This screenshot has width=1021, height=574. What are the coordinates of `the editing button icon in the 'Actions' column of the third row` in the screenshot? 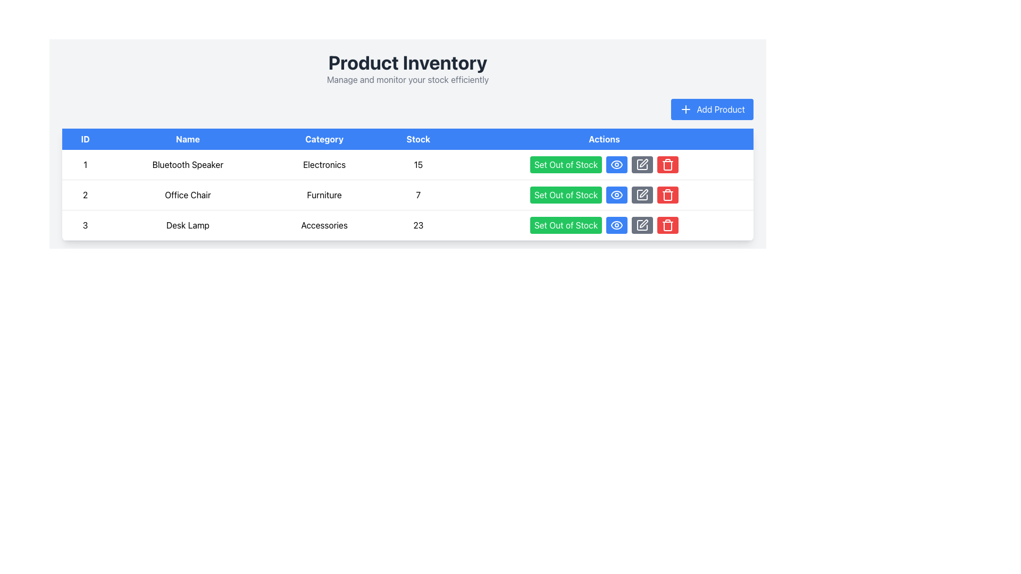 It's located at (643, 193).